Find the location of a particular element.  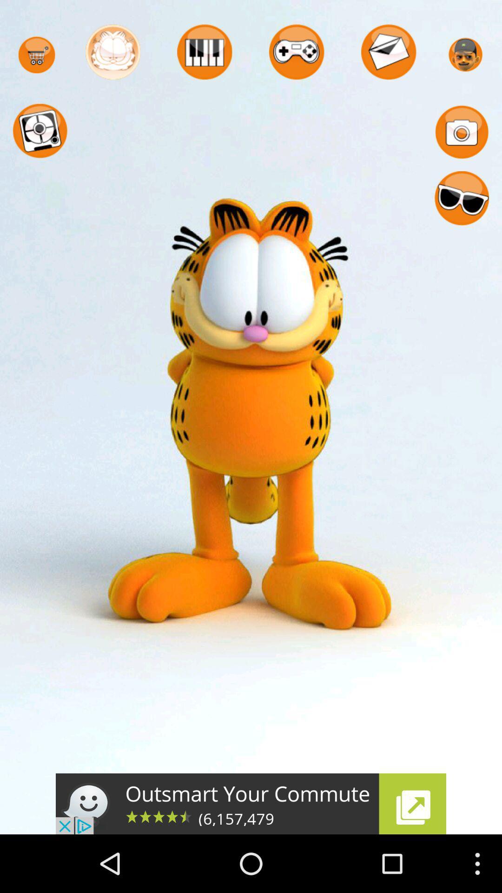

icon with piano is located at coordinates (204, 51).